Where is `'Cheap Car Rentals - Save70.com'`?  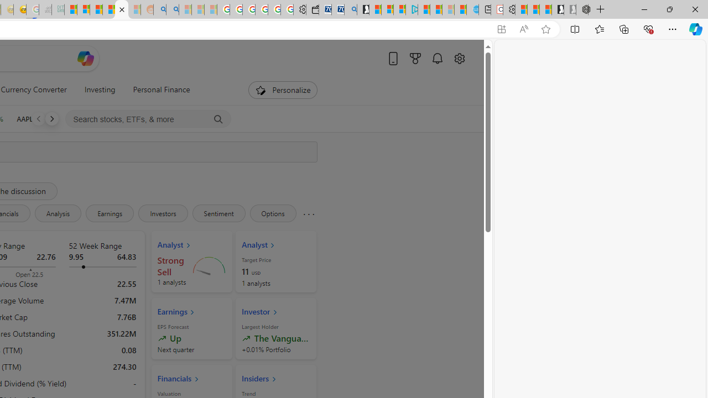
'Cheap Car Rentals - Save70.com' is located at coordinates (337, 9).